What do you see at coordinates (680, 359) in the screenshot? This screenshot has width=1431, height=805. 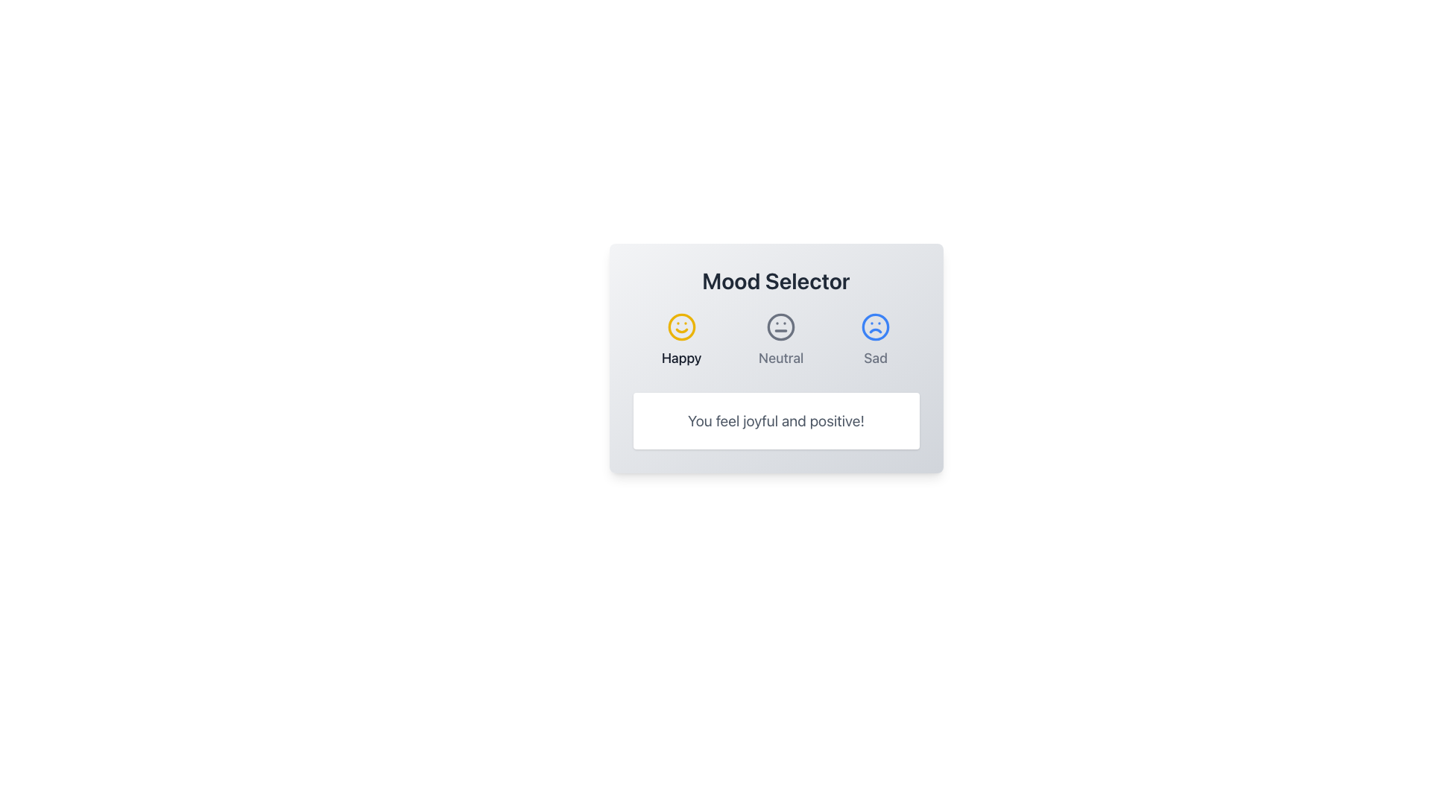 I see `the Text label indicating the mood represented by the icon above it, which is centrally aligned beneath the yellow smiling face icon in the mood selector grid` at bounding box center [680, 359].